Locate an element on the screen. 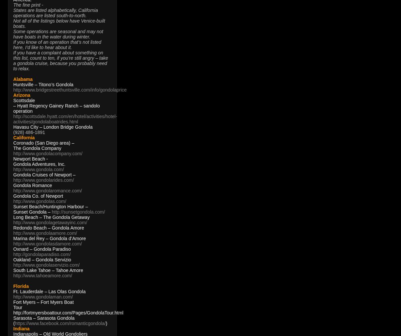  'http://www.bridgestreethuntsville.com/info/gondolaprice' is located at coordinates (70, 89).